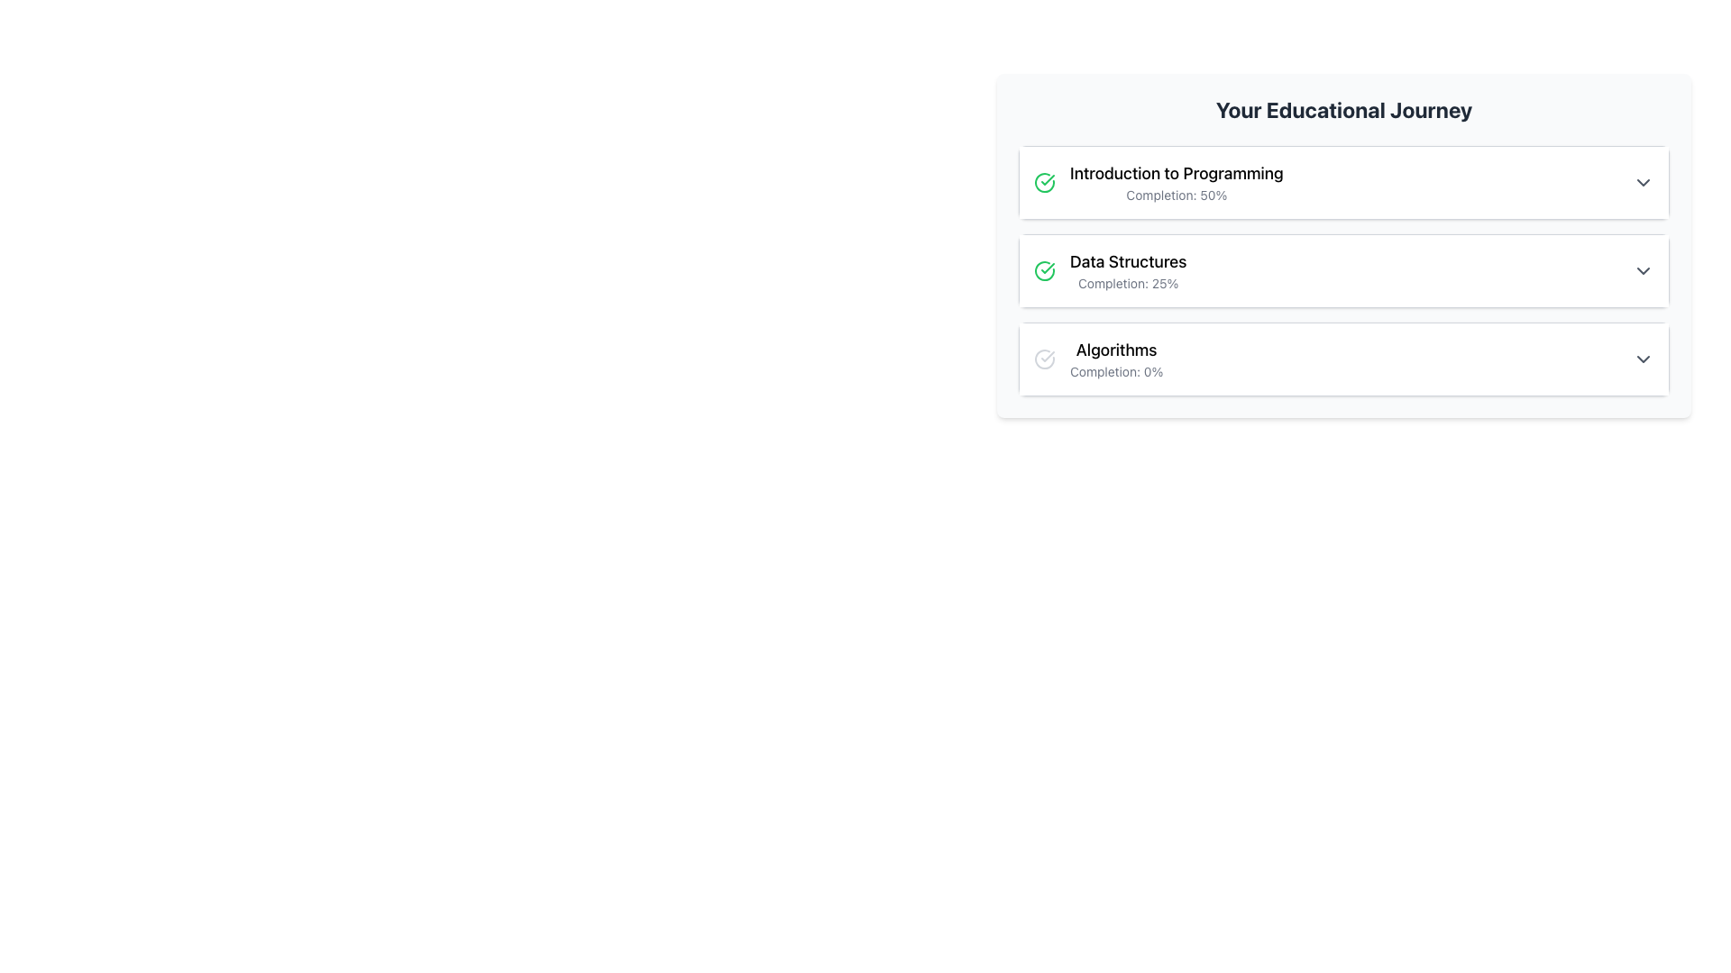 The image size is (1731, 973). Describe the element at coordinates (1177, 183) in the screenshot. I see `text label that displays the title and progress completion percentage for the 'Introduction to Programming' module, located in the upper right section of the window above the modules 'Data Structures' and 'Algorithms'` at that location.